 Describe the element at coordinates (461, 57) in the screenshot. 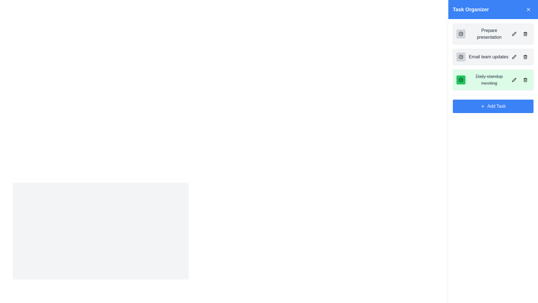

I see `the circular checkmark icon indicating the completion status of the task 'Email team updates' in the 'Task Organizer' panel` at that location.